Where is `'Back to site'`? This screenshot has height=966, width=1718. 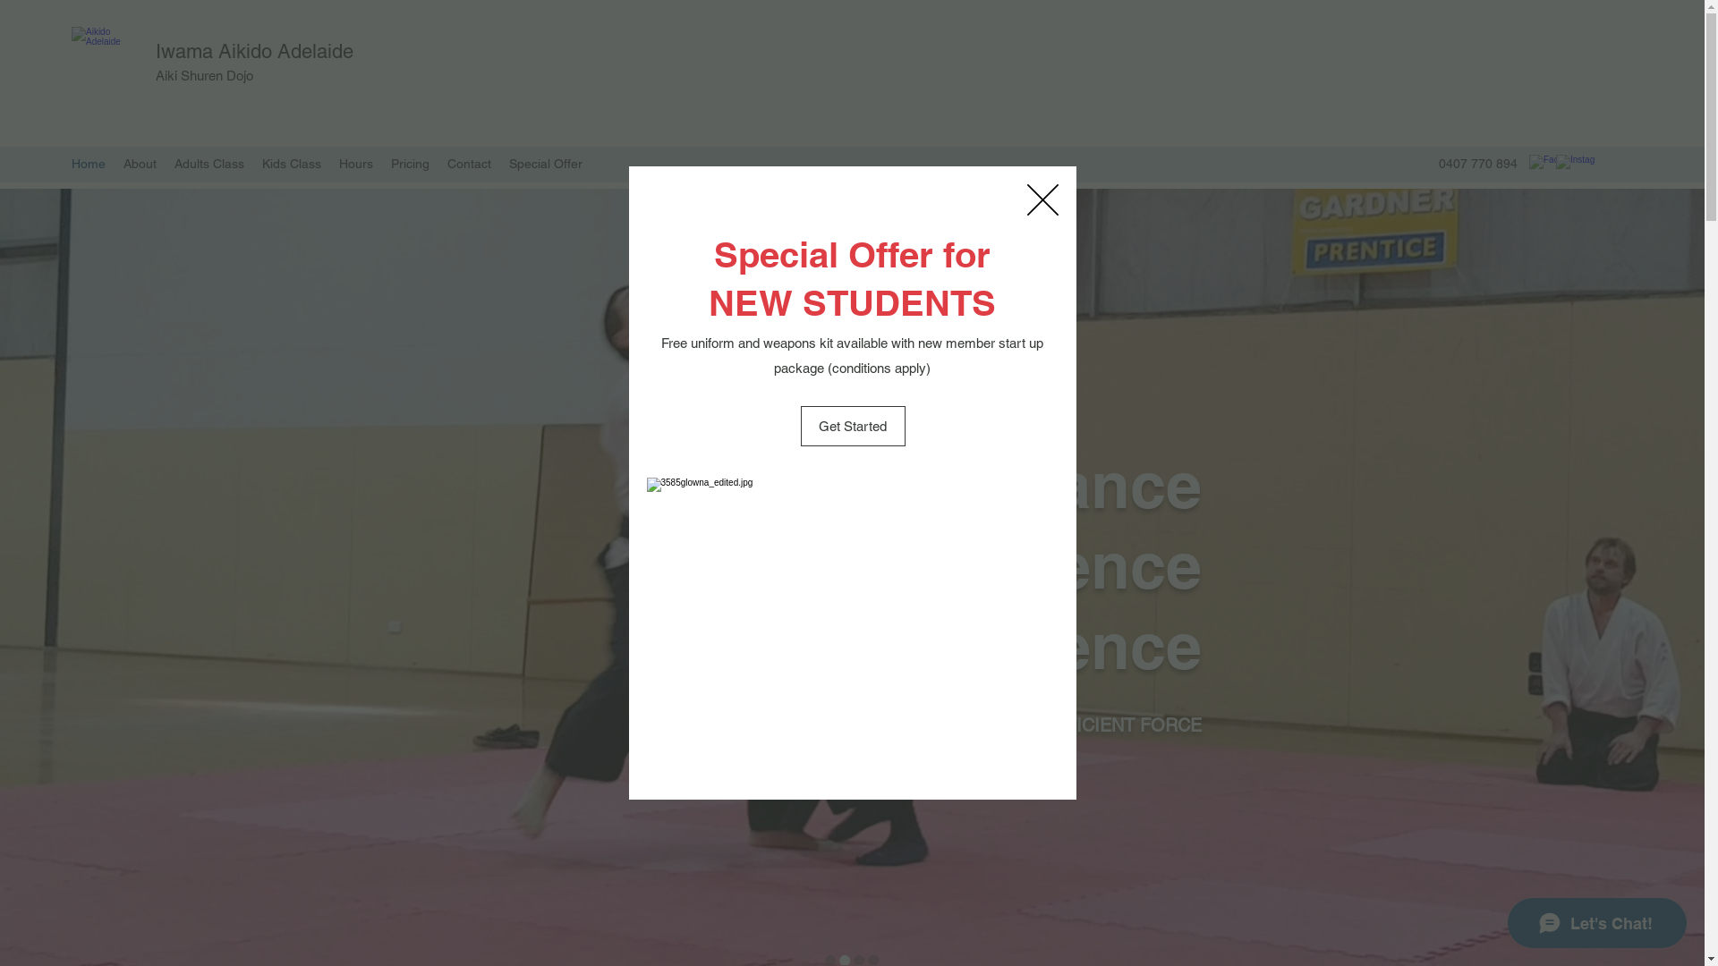 'Back to site' is located at coordinates (1042, 199).